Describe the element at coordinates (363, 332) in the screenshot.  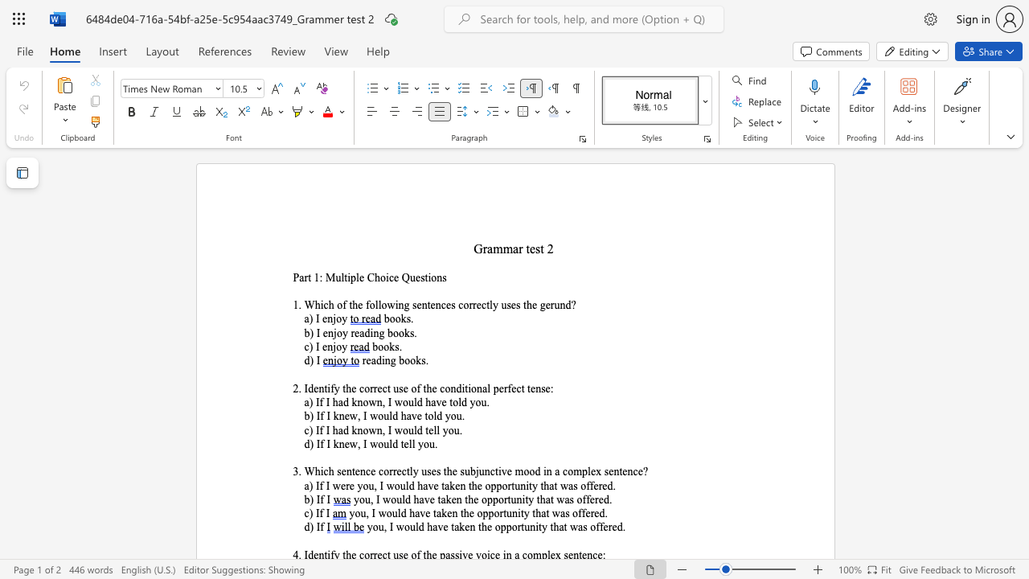
I see `the space between the continuous character "a" and "d" in the text` at that location.